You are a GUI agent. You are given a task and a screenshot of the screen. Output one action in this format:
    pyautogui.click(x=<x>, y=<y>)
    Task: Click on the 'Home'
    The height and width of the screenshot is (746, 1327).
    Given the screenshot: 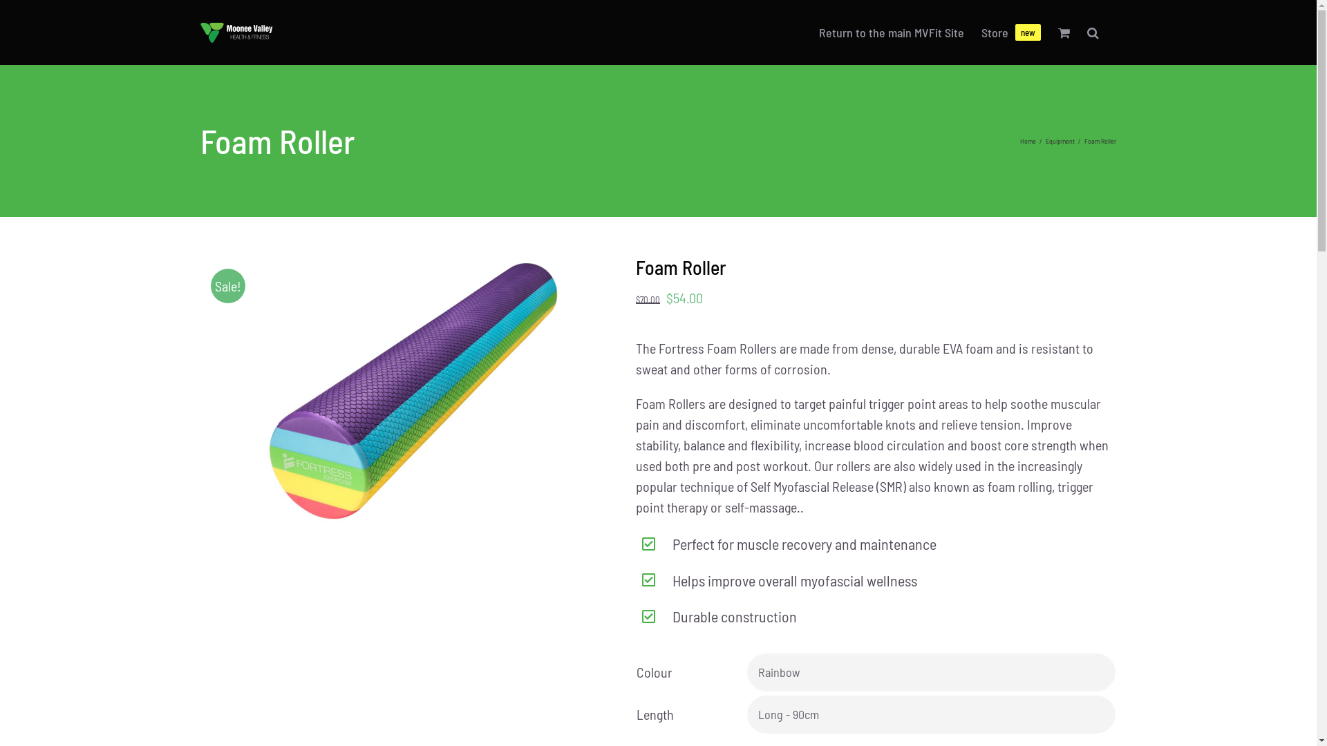 What is the action you would take?
    pyautogui.click(x=1028, y=141)
    